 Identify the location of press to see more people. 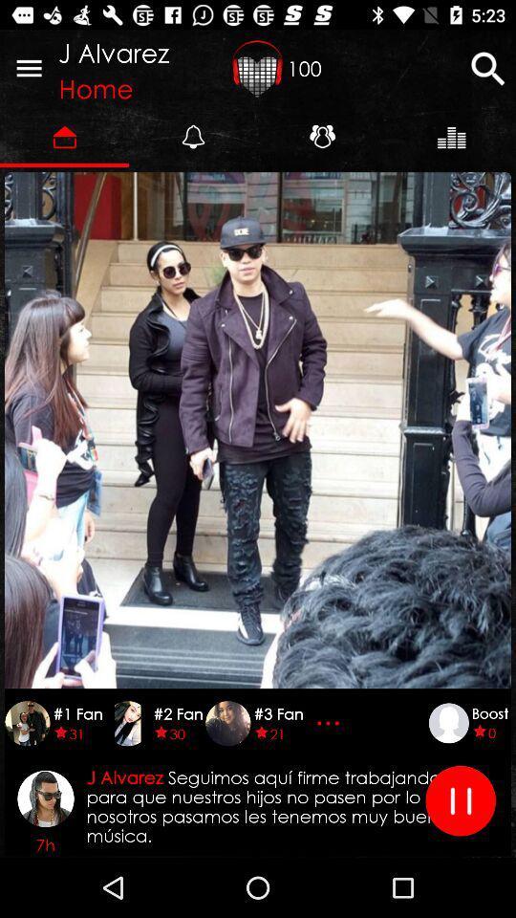
(330, 722).